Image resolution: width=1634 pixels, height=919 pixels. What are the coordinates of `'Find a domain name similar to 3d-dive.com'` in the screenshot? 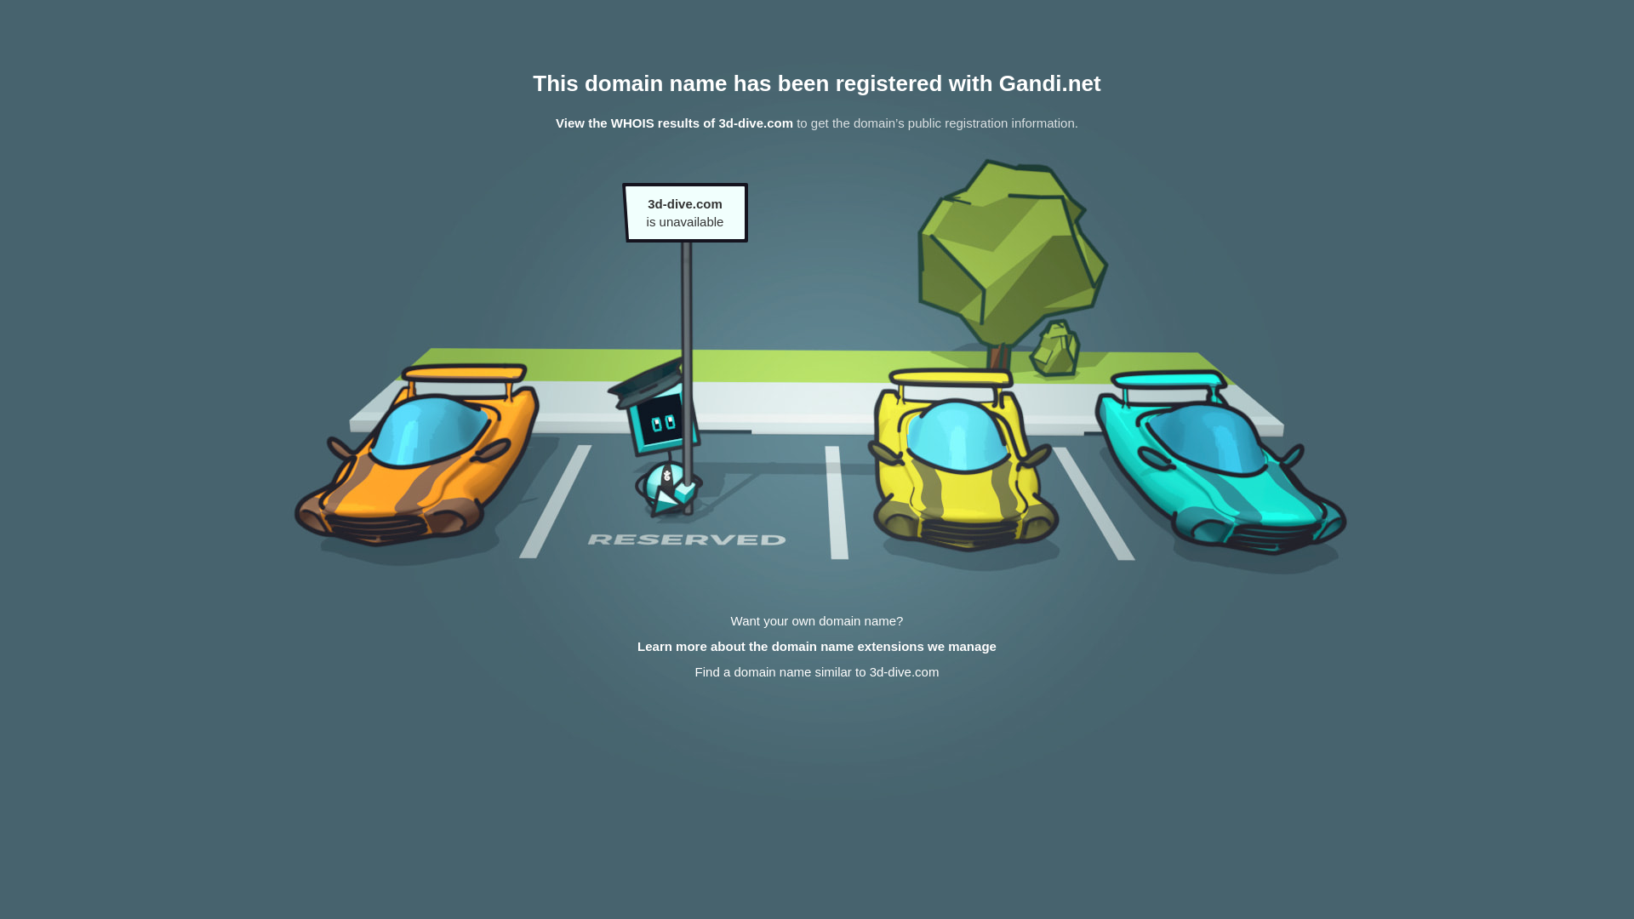 It's located at (817, 671).